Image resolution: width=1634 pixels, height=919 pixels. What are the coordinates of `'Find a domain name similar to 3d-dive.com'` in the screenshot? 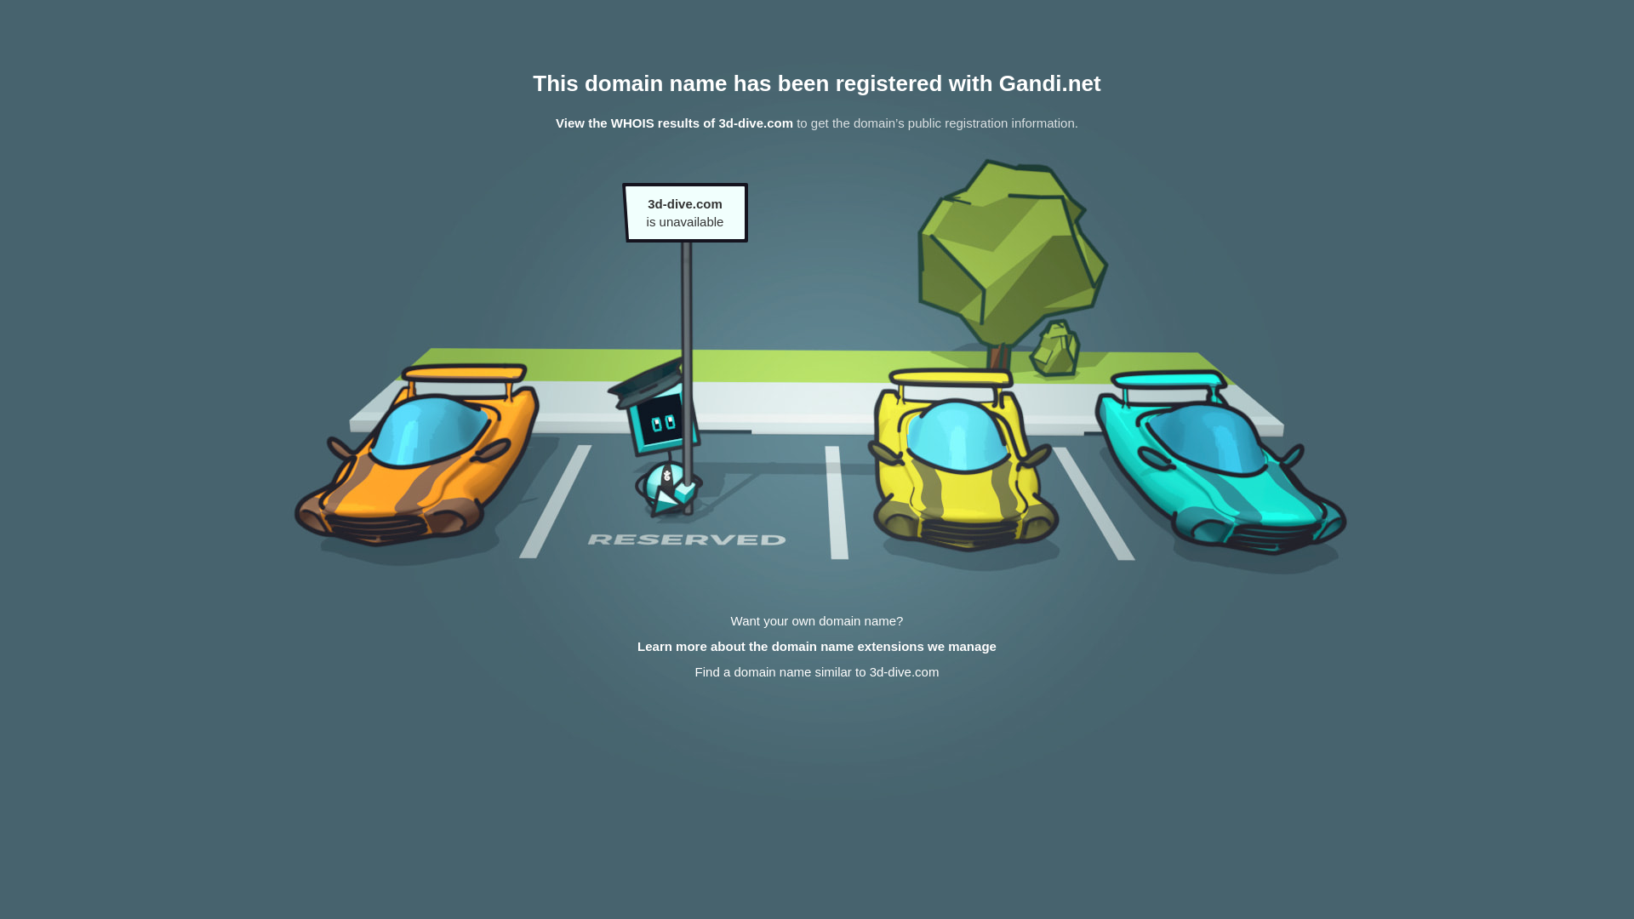 It's located at (817, 671).